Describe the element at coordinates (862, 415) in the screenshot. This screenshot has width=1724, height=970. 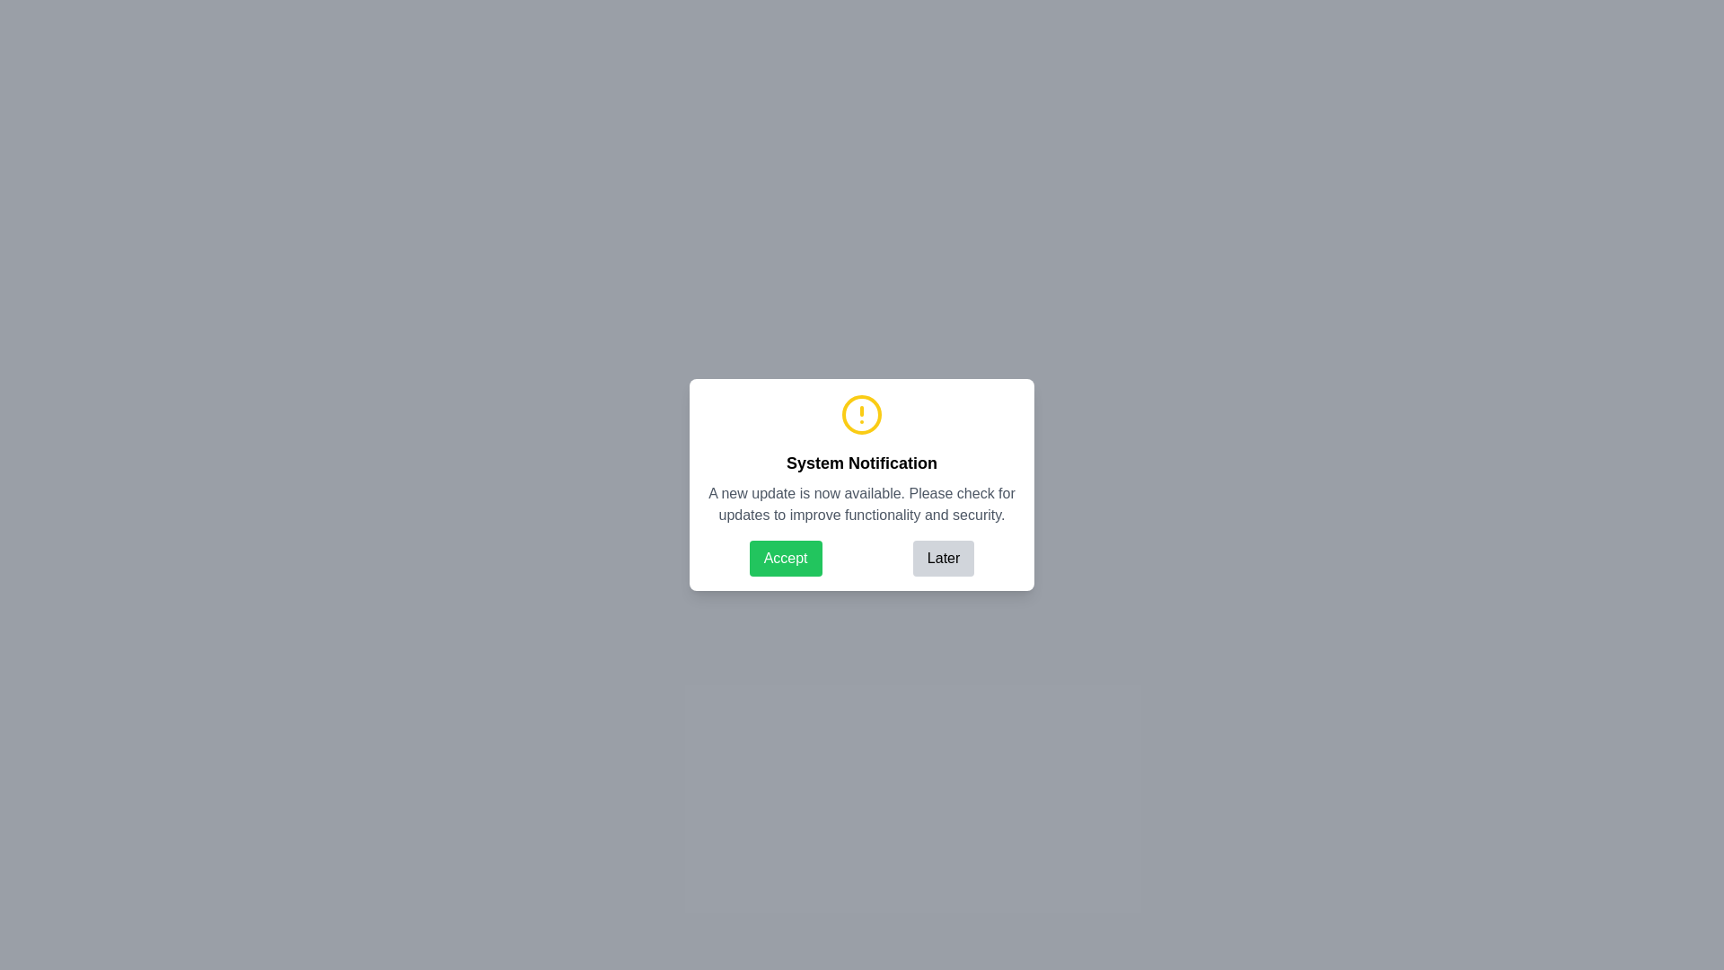
I see `the central circular graphic SVG element of the alert icon located at the top of the notification dialog box` at that location.